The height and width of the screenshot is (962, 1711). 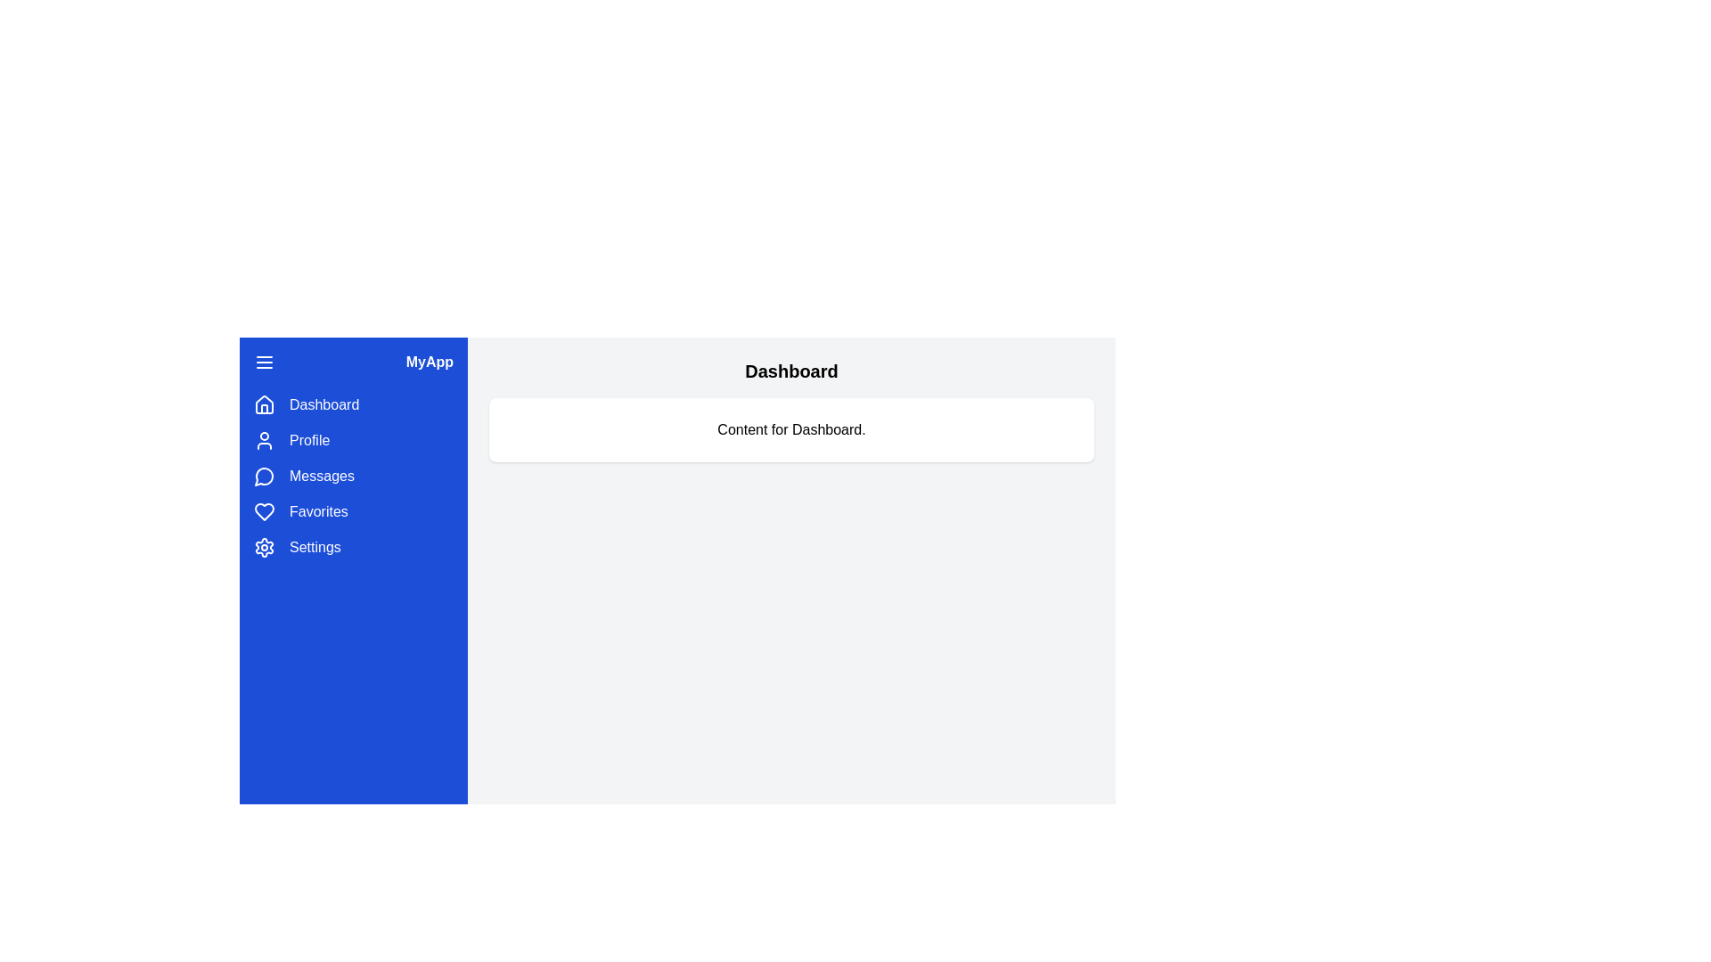 What do you see at coordinates (430, 362) in the screenshot?
I see `the text label displaying 'MyApp', which is styled in bold white font against a blue background, located on the right side of the horizontal bar near the top of the menu panel` at bounding box center [430, 362].